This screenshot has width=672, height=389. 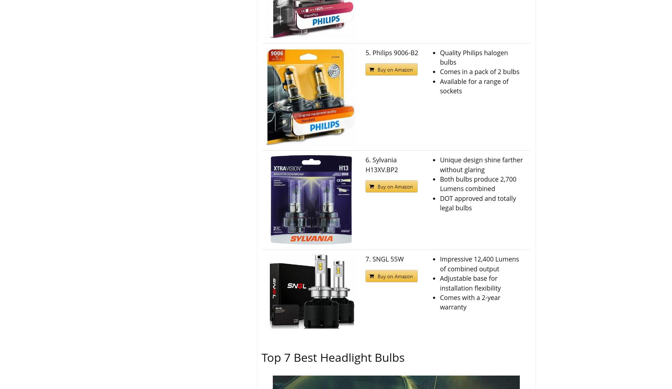 What do you see at coordinates (470, 283) in the screenshot?
I see `'Adjustable base for installation flexibility'` at bounding box center [470, 283].